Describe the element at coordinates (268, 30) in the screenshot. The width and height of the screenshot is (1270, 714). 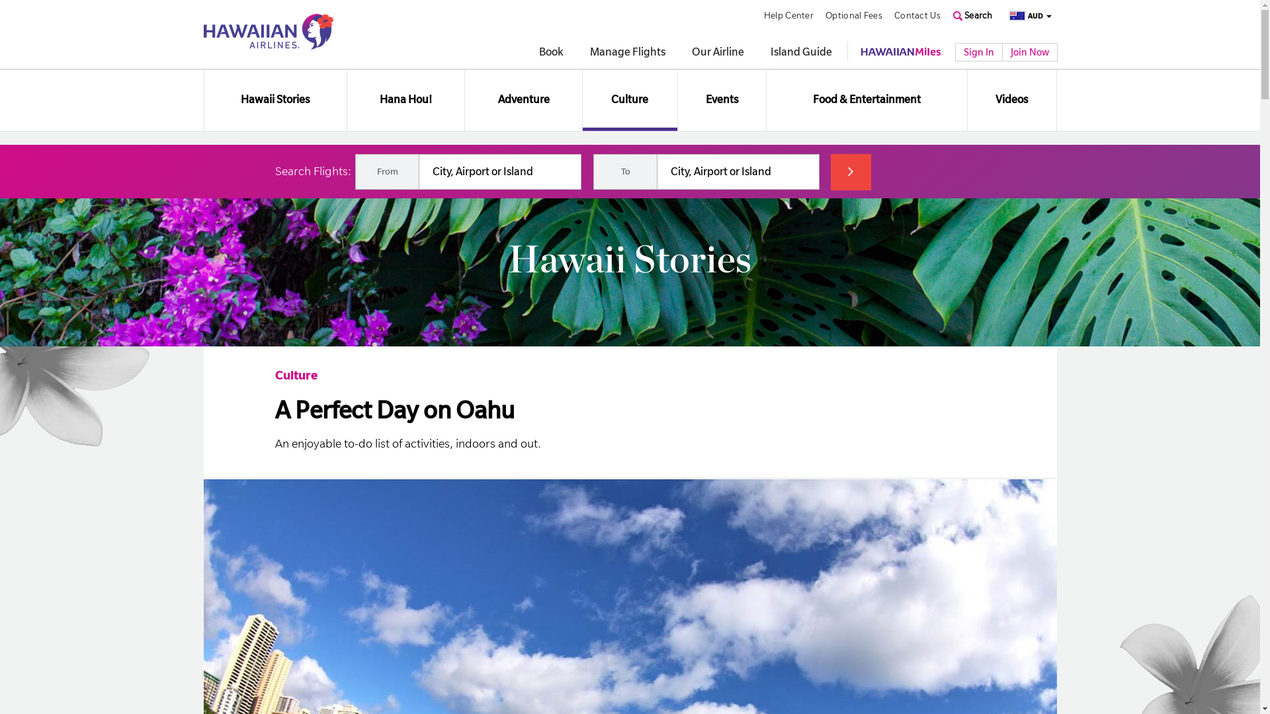
I see `'Hawaiian Airlines'` at that location.